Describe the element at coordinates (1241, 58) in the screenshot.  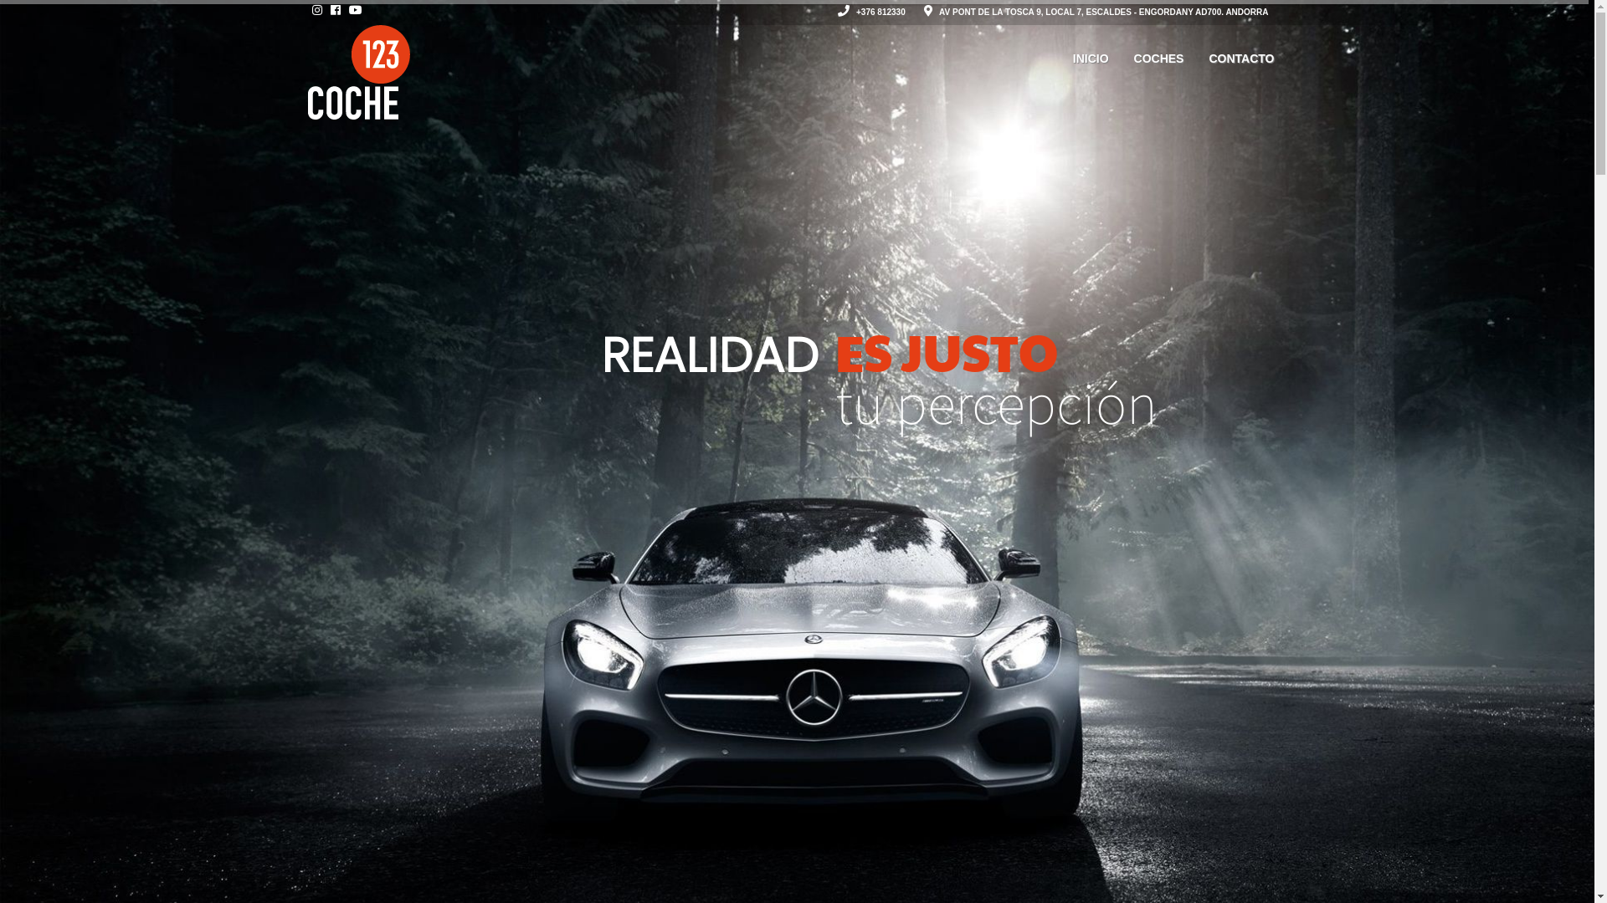
I see `'CONTACTO'` at that location.